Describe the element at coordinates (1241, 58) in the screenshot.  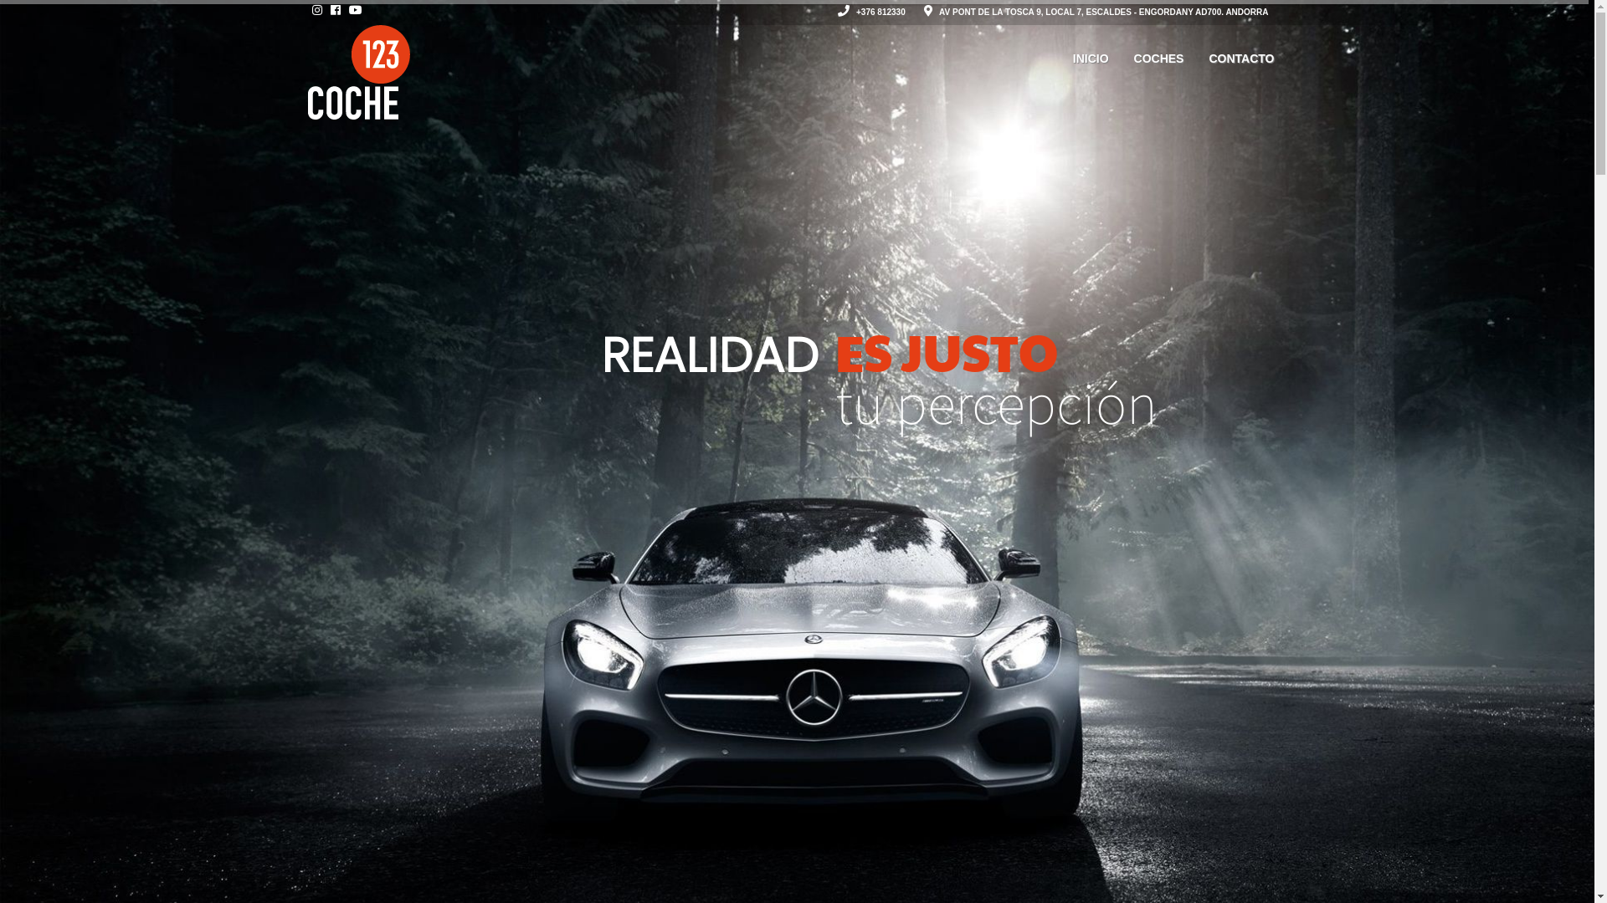
I see `'CONTACTO'` at that location.